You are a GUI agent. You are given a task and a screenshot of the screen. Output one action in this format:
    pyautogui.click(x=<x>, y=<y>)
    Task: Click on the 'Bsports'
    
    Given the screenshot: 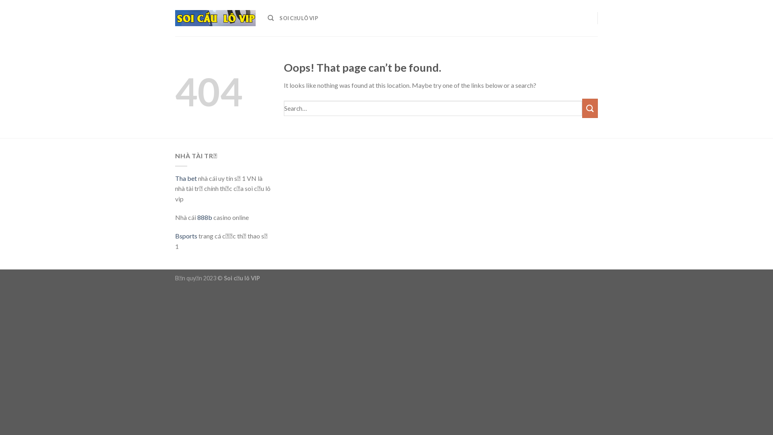 What is the action you would take?
    pyautogui.click(x=186, y=236)
    